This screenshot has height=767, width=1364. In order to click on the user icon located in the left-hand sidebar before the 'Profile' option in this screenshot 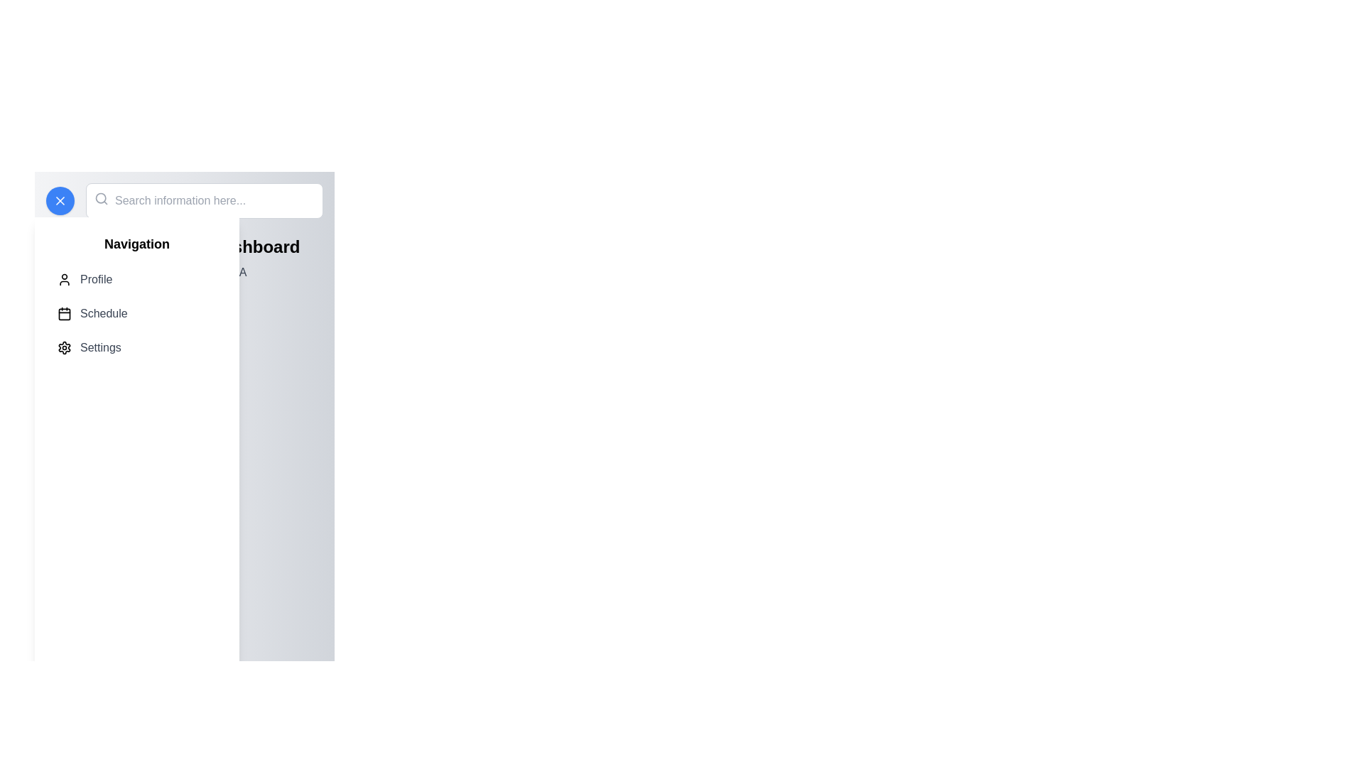, I will do `click(64, 279)`.